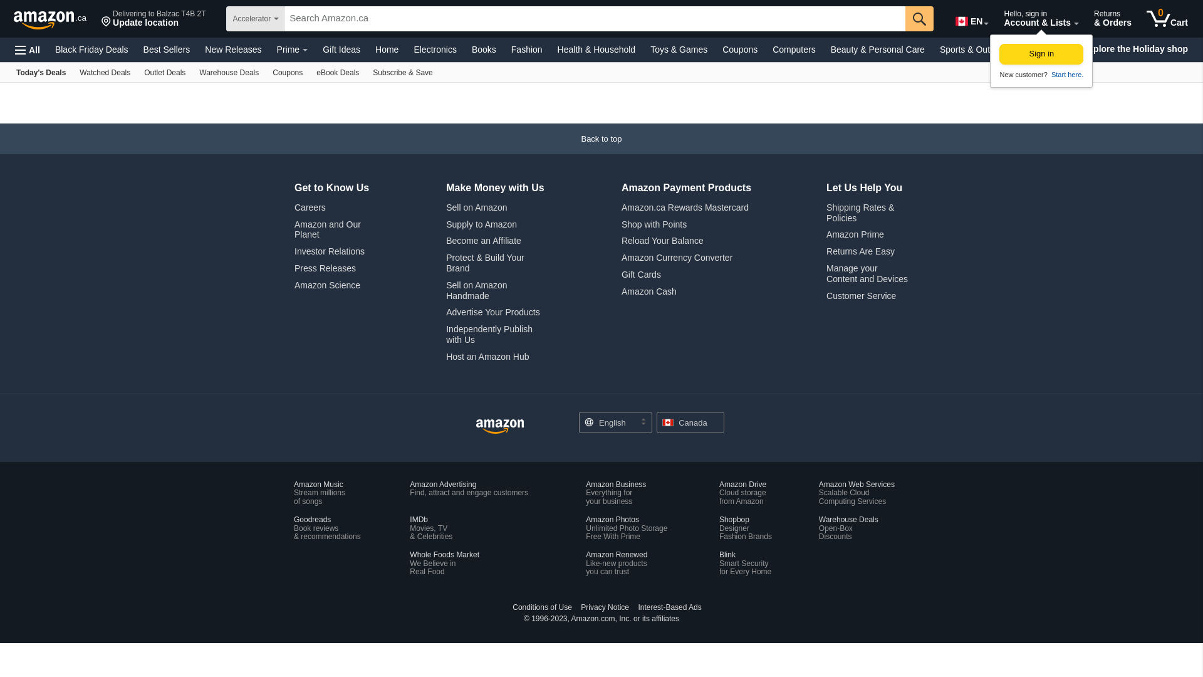 This screenshot has width=1203, height=677. I want to click on 'Amazon.ca Rewards Mastercard', so click(684, 207).